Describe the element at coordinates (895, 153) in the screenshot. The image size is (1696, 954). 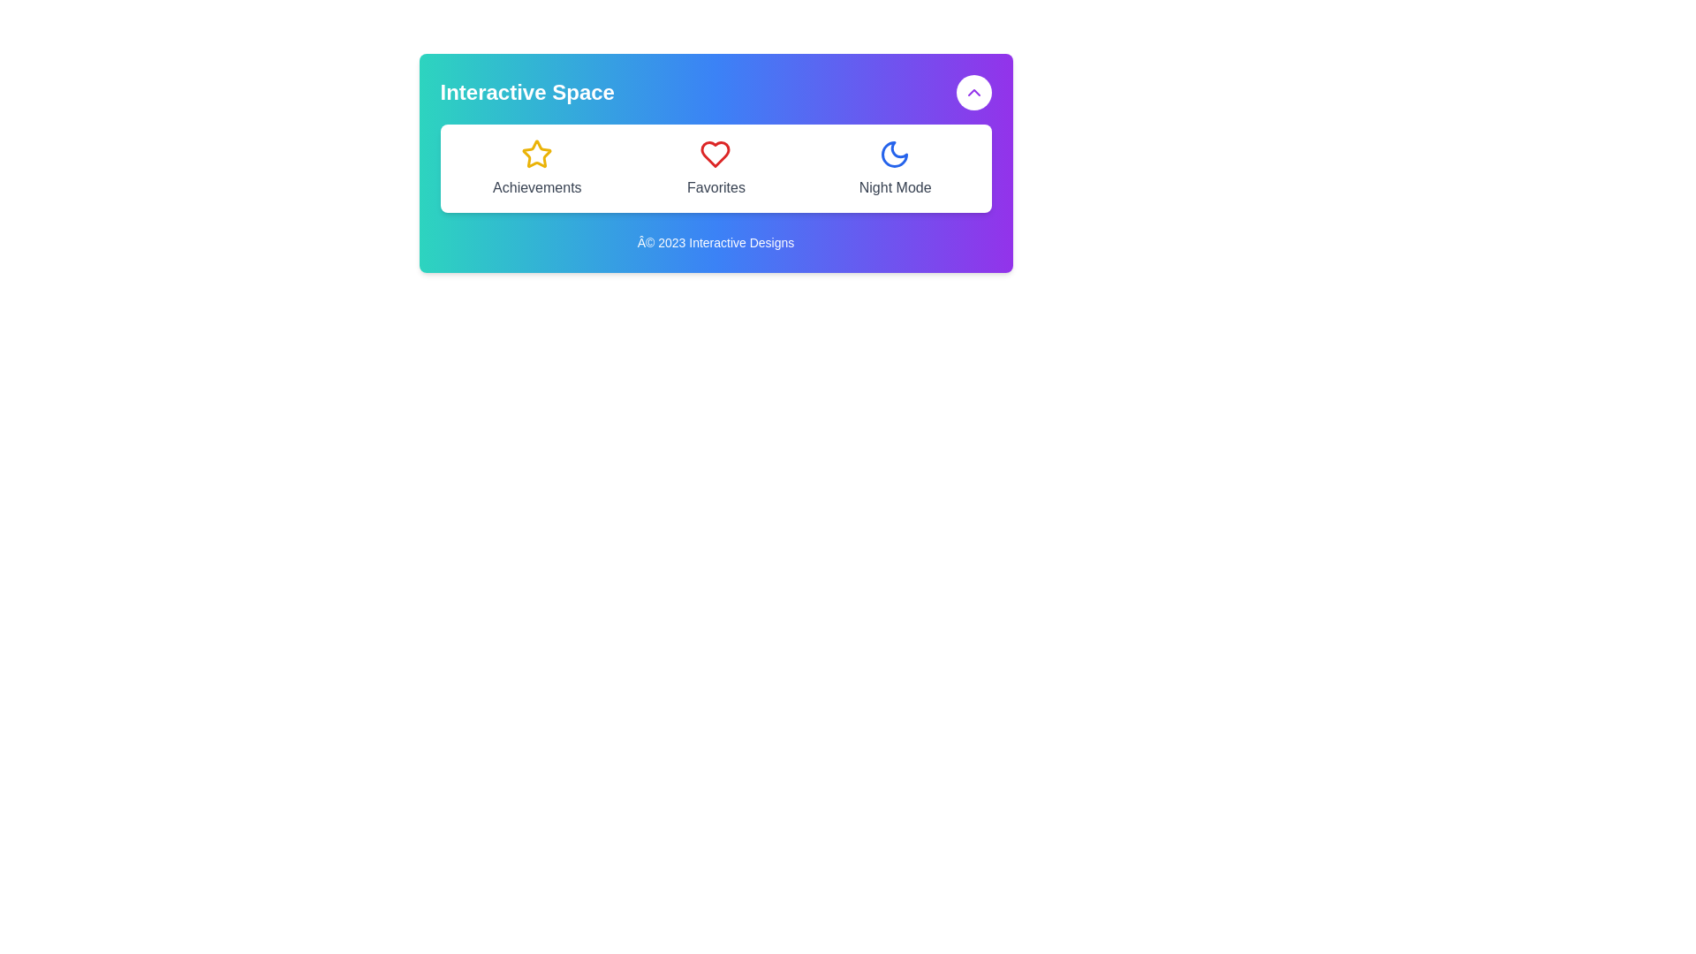
I see `the crescent moon icon, which represents night mode, located in the central section of the card, to the right of the heart icon` at that location.